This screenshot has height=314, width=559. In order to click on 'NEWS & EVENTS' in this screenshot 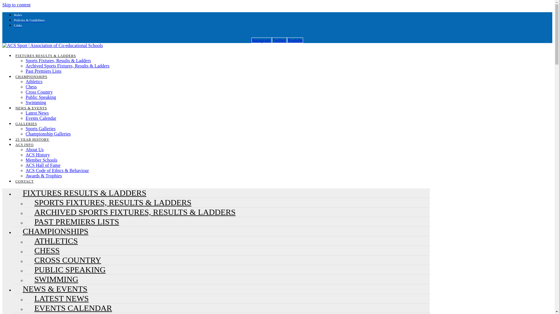, I will do `click(50, 289)`.